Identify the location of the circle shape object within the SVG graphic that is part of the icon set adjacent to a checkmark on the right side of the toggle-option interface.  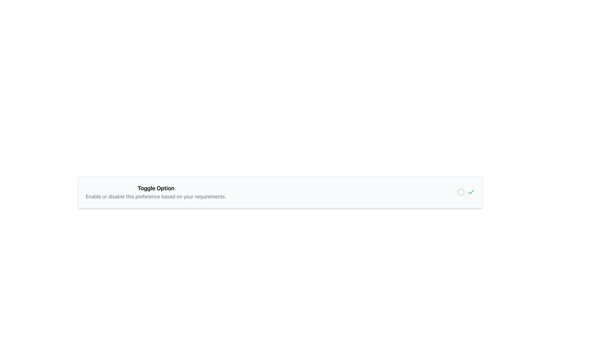
(461, 192).